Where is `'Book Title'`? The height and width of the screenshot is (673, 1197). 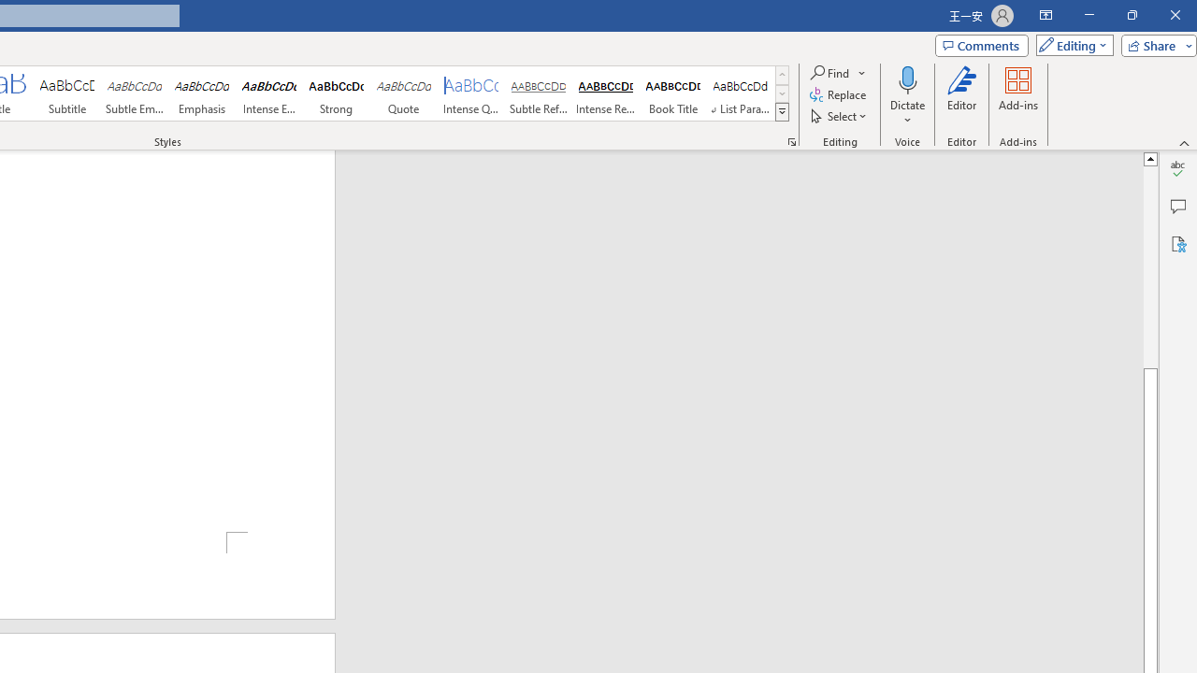
'Book Title' is located at coordinates (673, 93).